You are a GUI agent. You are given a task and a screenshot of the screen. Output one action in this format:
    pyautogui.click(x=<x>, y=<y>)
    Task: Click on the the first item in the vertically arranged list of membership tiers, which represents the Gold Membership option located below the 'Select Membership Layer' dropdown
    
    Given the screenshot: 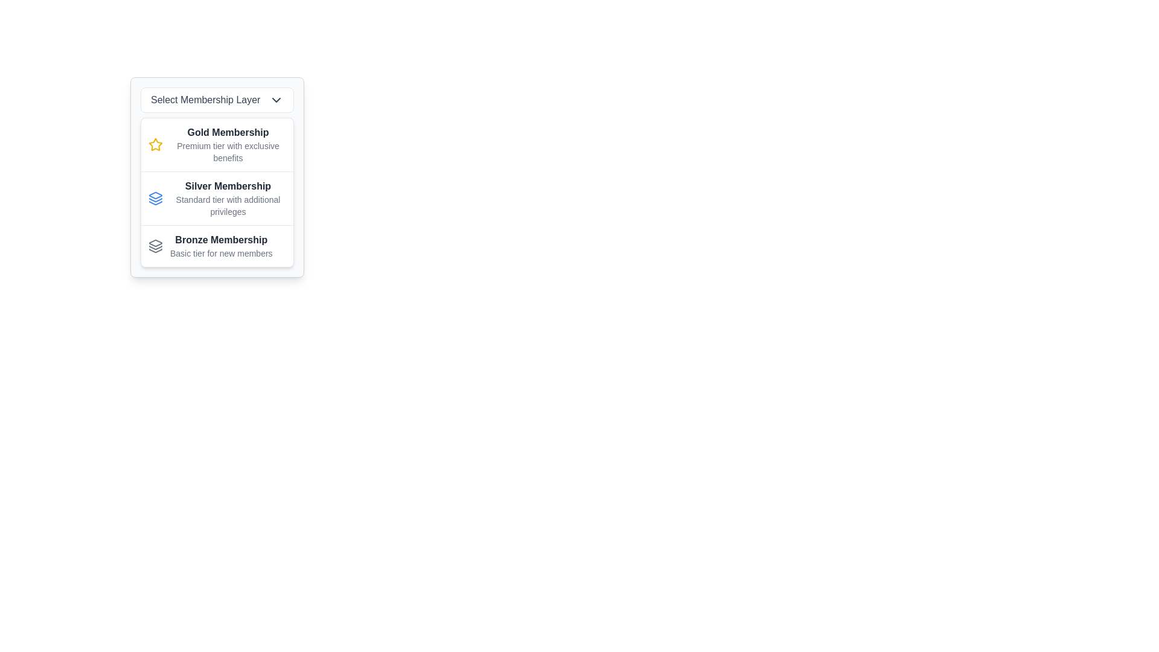 What is the action you would take?
    pyautogui.click(x=217, y=144)
    